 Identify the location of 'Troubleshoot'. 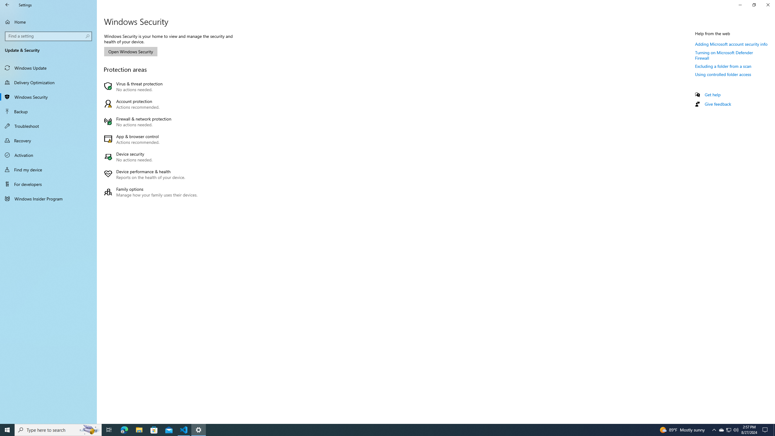
(48, 126).